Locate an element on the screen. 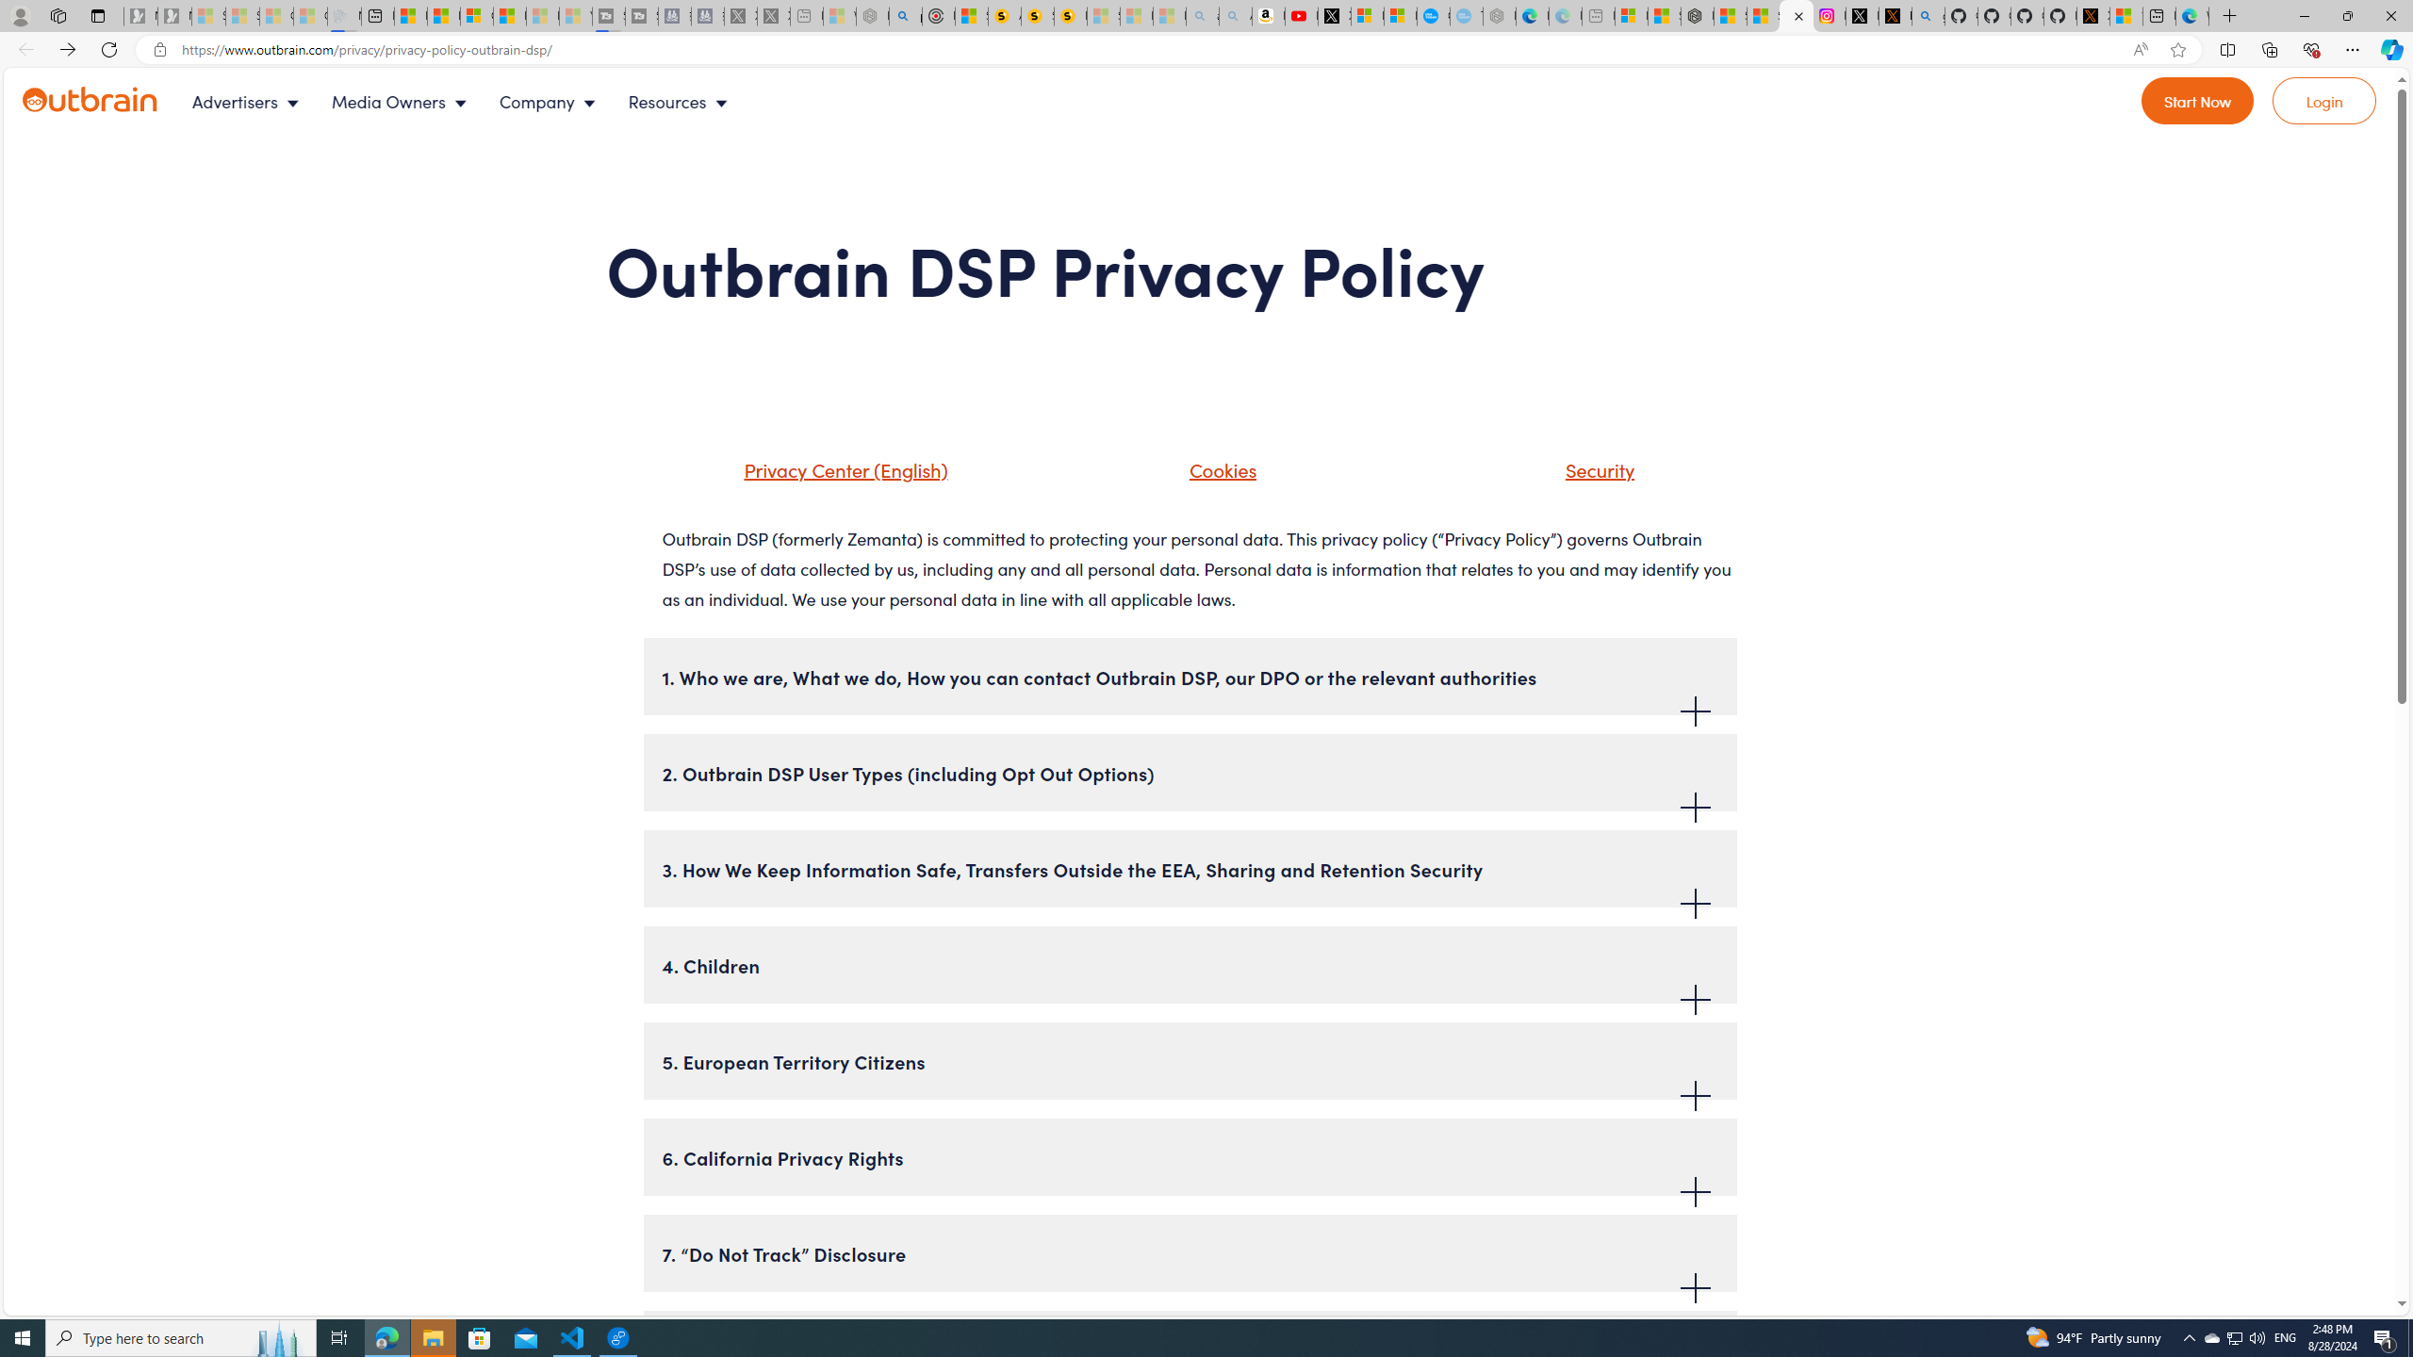 Image resolution: width=2413 pixels, height=1357 pixels. 'Log in to X / X' is located at coordinates (1863, 15).